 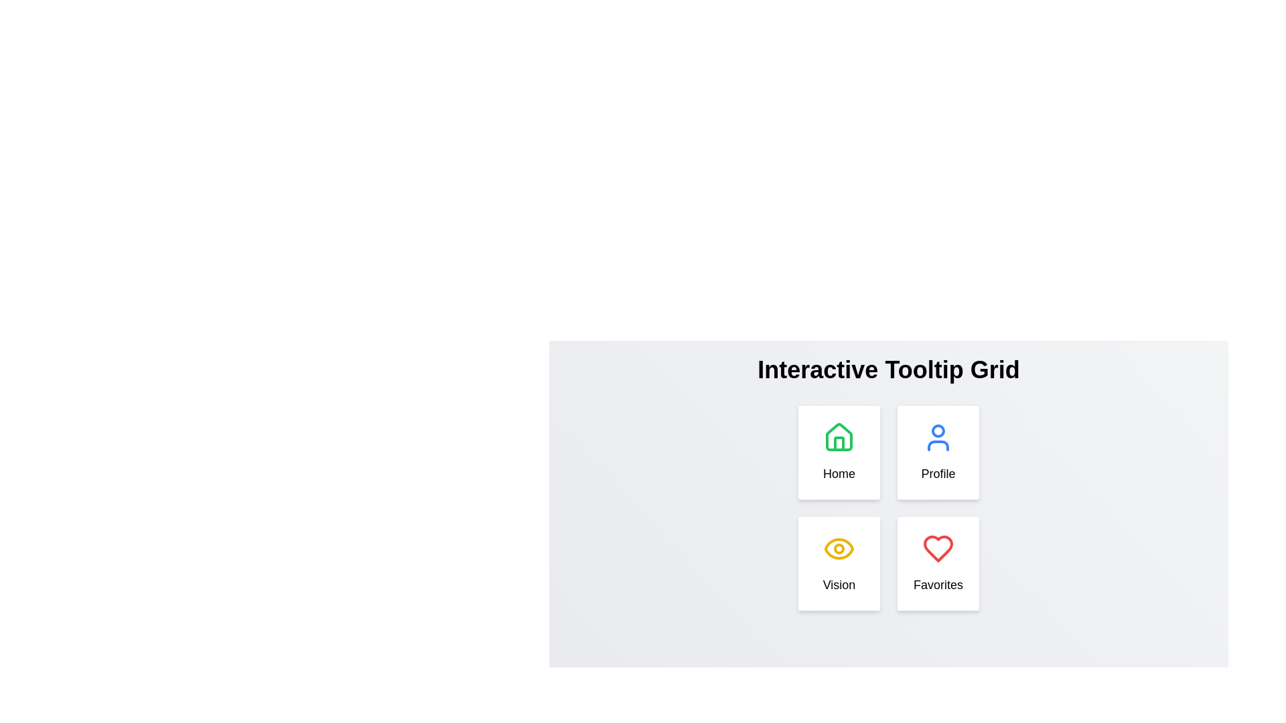 What do you see at coordinates (938, 549) in the screenshot?
I see `the heart icon representing the 'Favorites' feature, which is located in the bottom-right corner of a 2x2 grid layout, above the 'Favorites' label` at bounding box center [938, 549].